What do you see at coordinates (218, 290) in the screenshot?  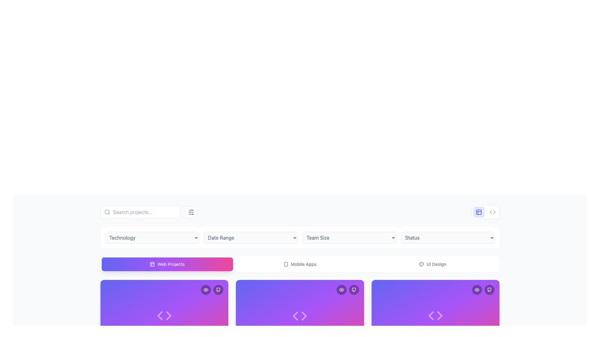 I see `the circular button with a black translucent background and a white GitHub icon located at the top-right corner of the purple panel` at bounding box center [218, 290].